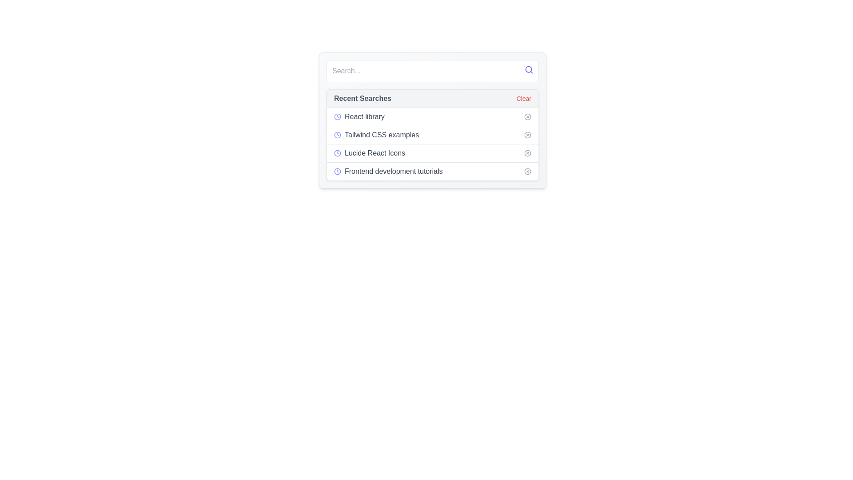 Image resolution: width=853 pixels, height=480 pixels. I want to click on the circular boundary of the close button in the 'Recent Searches' card, which is part of the 'Tailwind CSS examples' row, so click(528, 135).